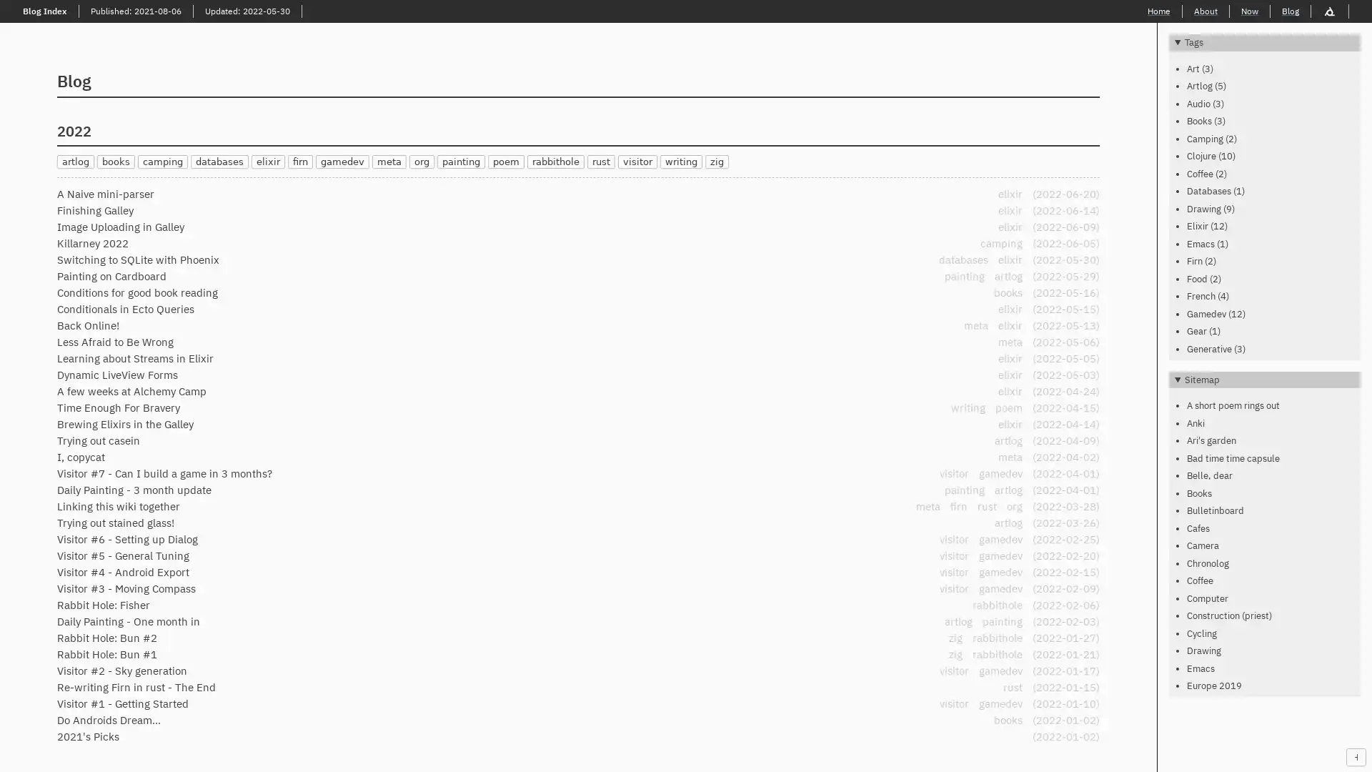  Describe the element at coordinates (637, 161) in the screenshot. I see `visitor` at that location.